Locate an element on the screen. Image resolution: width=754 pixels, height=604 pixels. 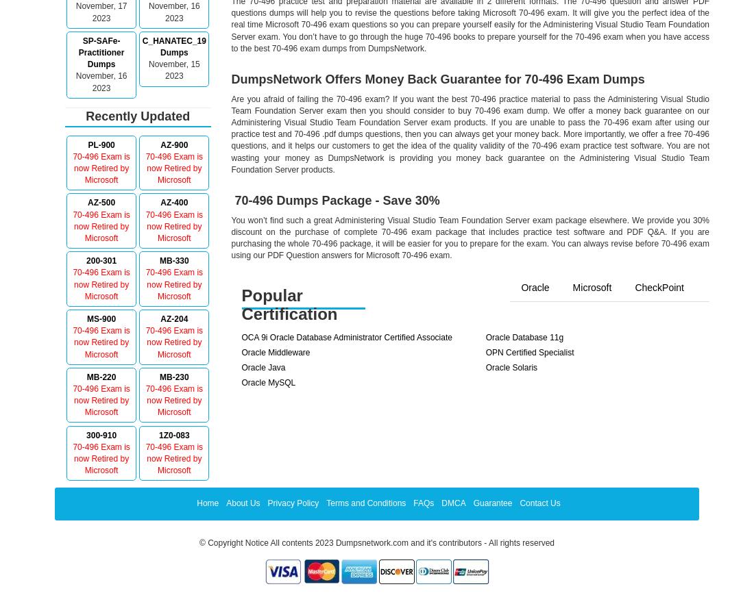
'DumpsNetwork Offers Money Back Guarantee for 70-496 Exam Dumps' is located at coordinates (437, 78).